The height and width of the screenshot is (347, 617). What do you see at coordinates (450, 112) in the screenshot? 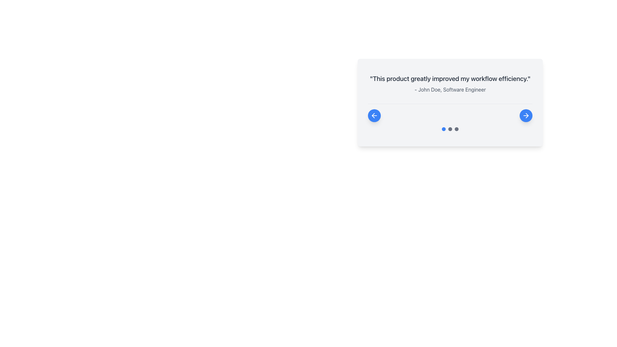
I see `the Carousel Navigation Bar buttons located at the bottom of the testimonial card to observe potential hover effects` at bounding box center [450, 112].